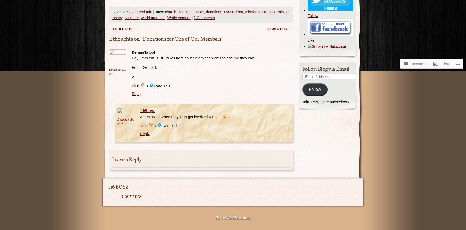 This screenshot has height=230, width=466. I want to click on 'Follow Blog via Email', so click(326, 69).